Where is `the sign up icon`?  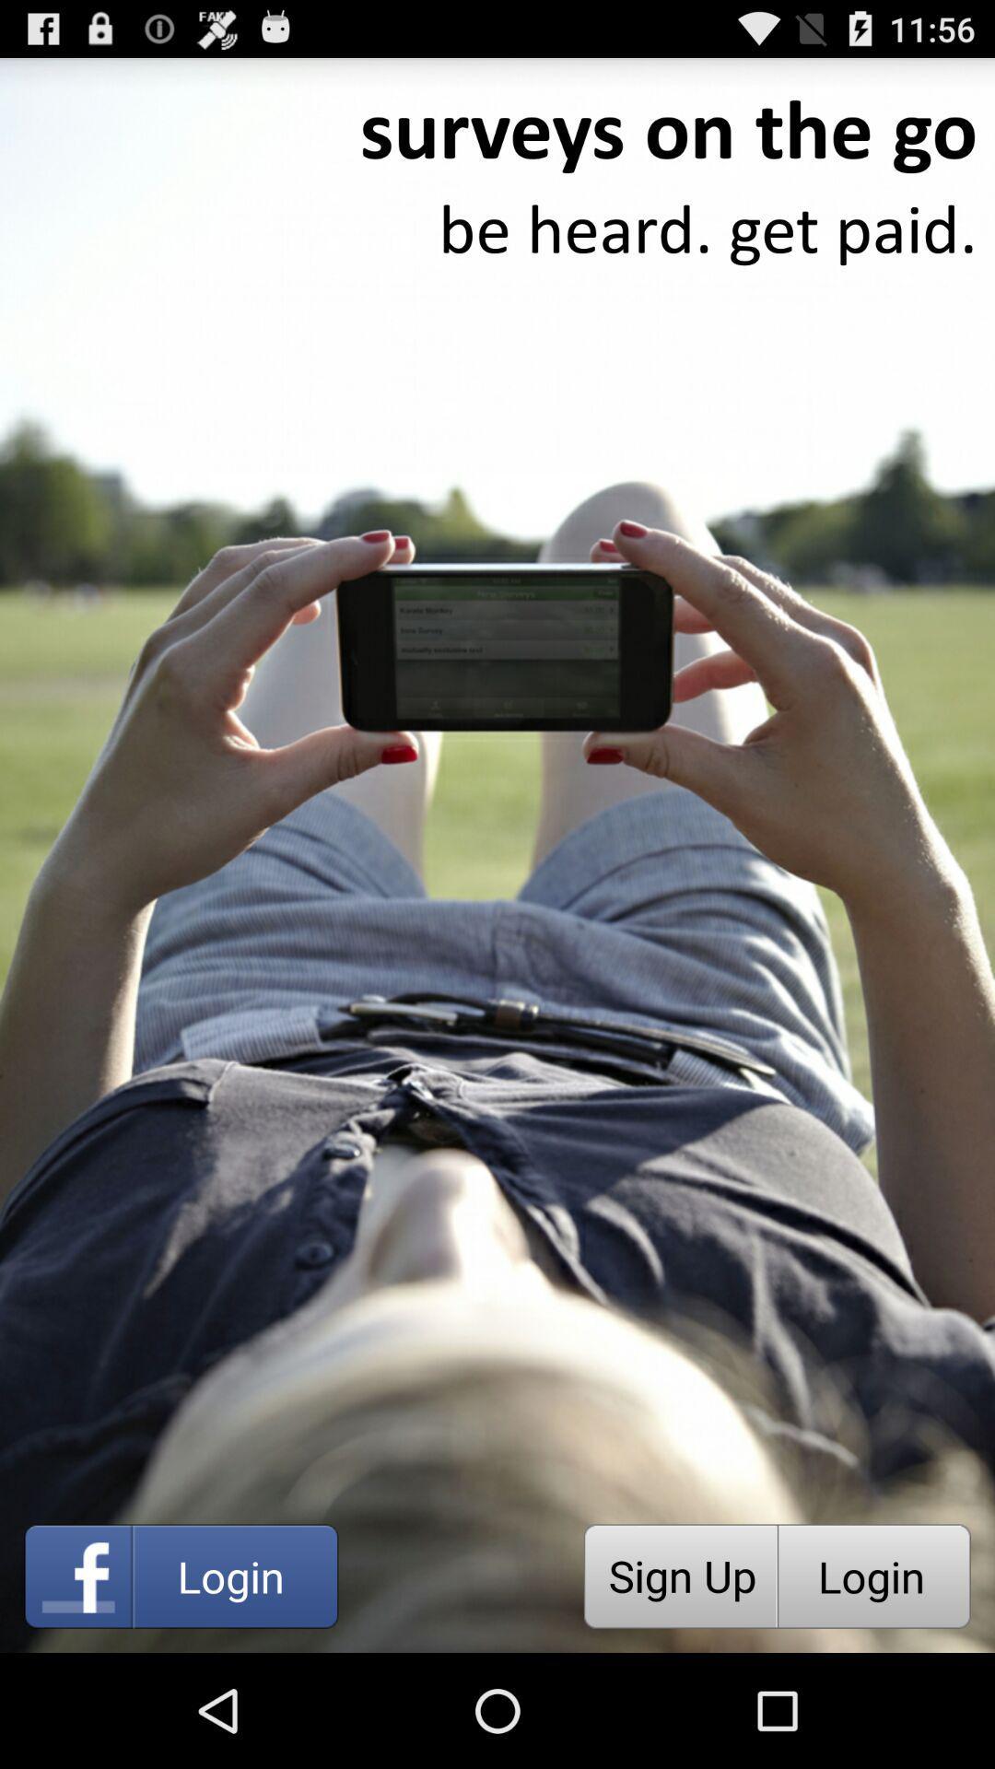
the sign up icon is located at coordinates (680, 1576).